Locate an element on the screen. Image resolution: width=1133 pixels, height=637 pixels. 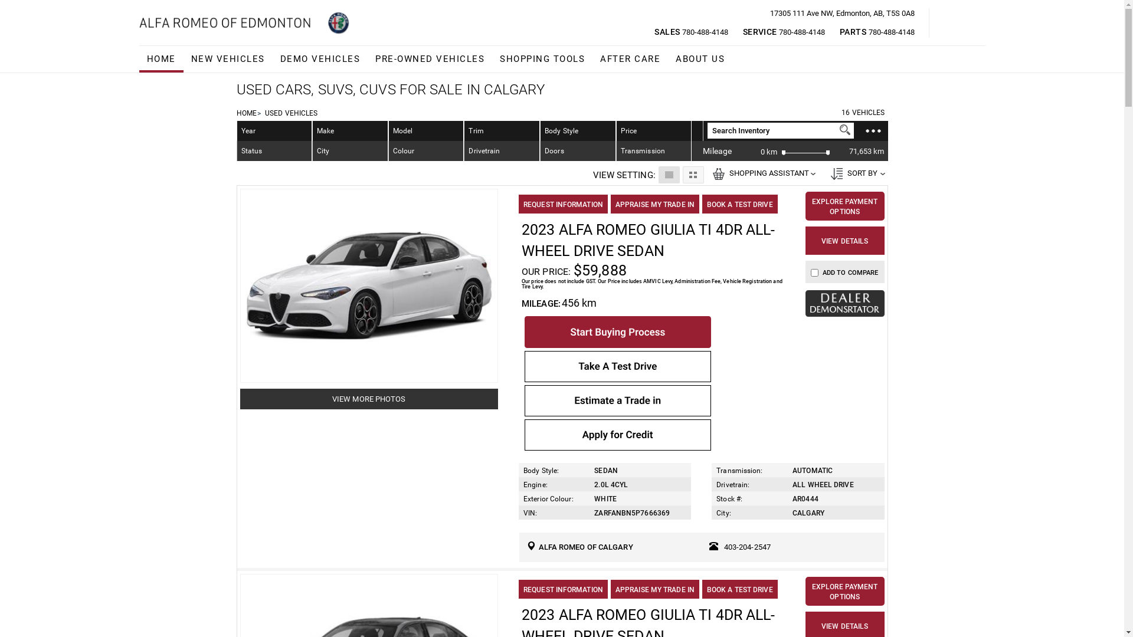
'SERVICE 780-488-4148' is located at coordinates (784, 31).